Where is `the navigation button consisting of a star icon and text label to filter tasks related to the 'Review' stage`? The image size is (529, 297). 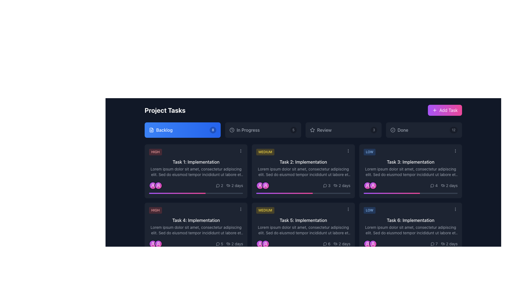 the navigation button consisting of a star icon and text label to filter tasks related to the 'Review' stage is located at coordinates (321, 130).